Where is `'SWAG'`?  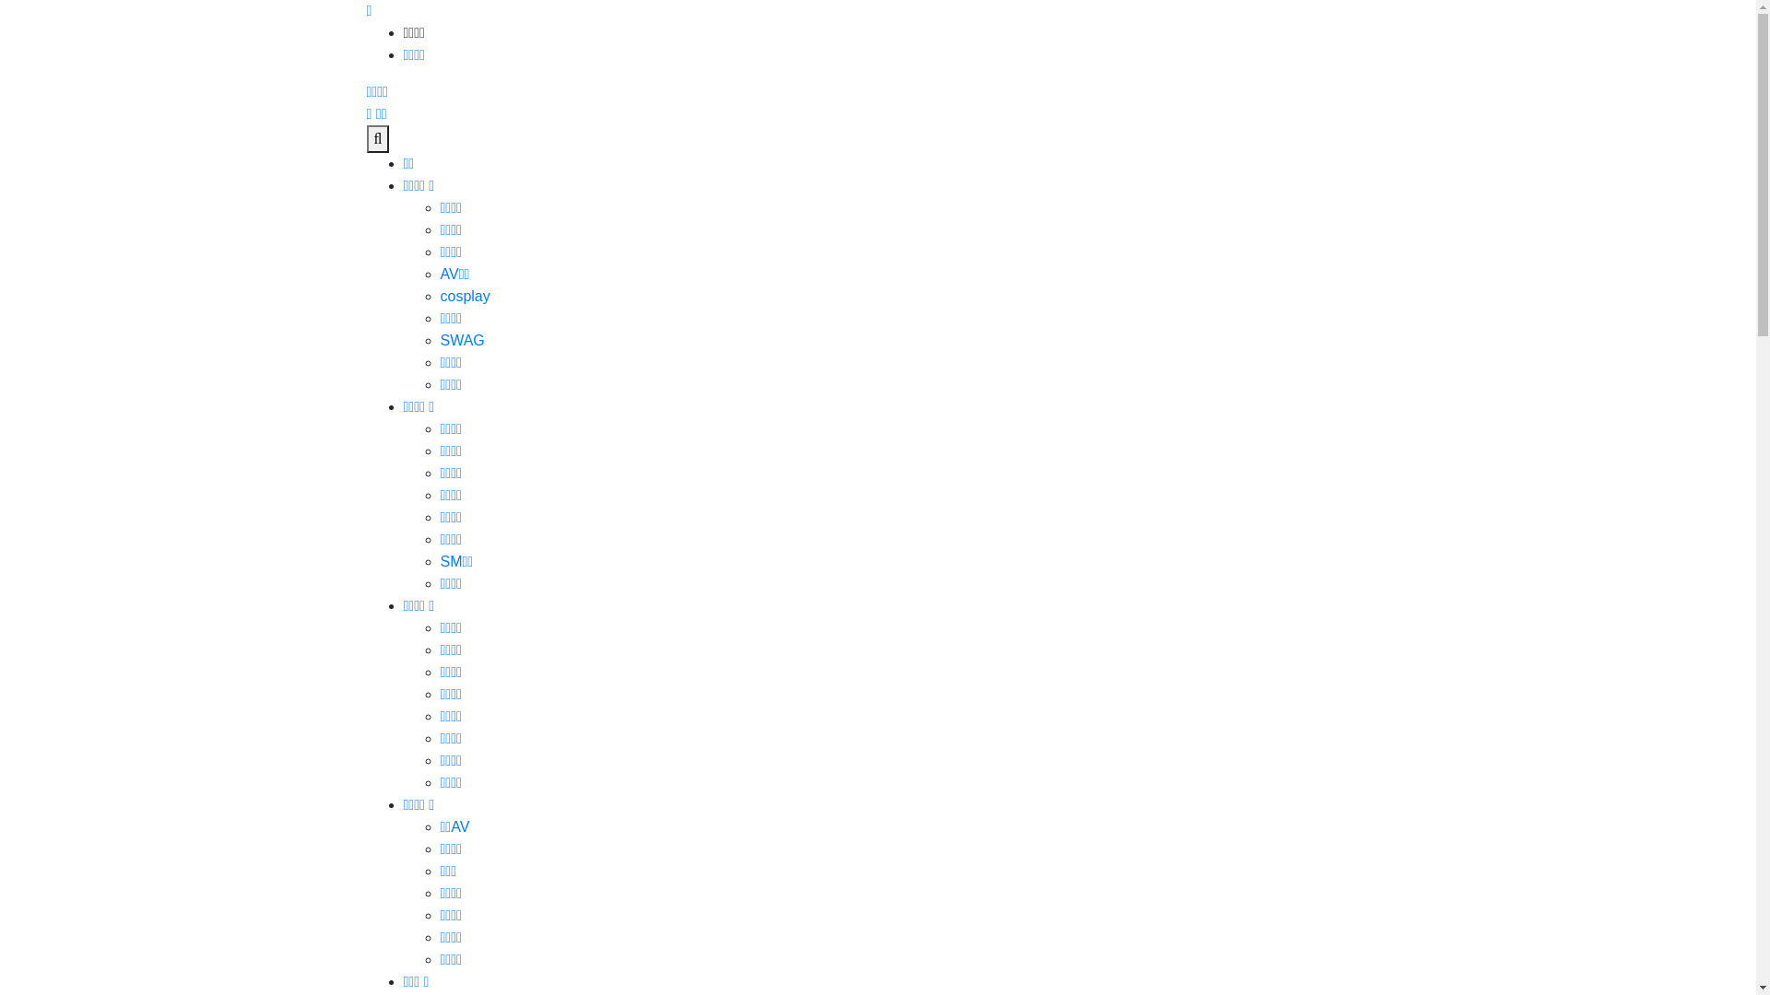
'SWAG' is located at coordinates (440, 340).